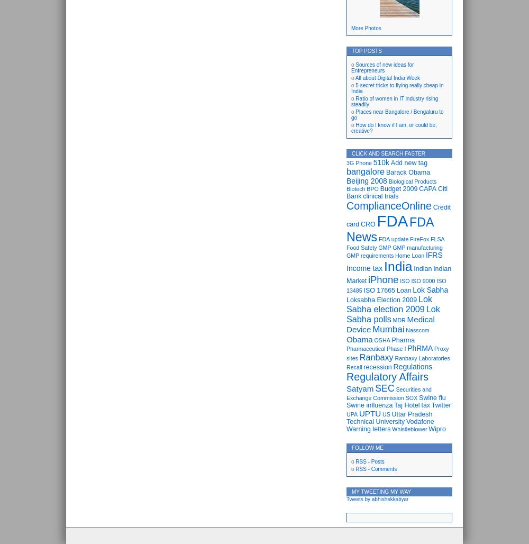  What do you see at coordinates (369, 461) in the screenshot?
I see `'RSS - Posts'` at bounding box center [369, 461].